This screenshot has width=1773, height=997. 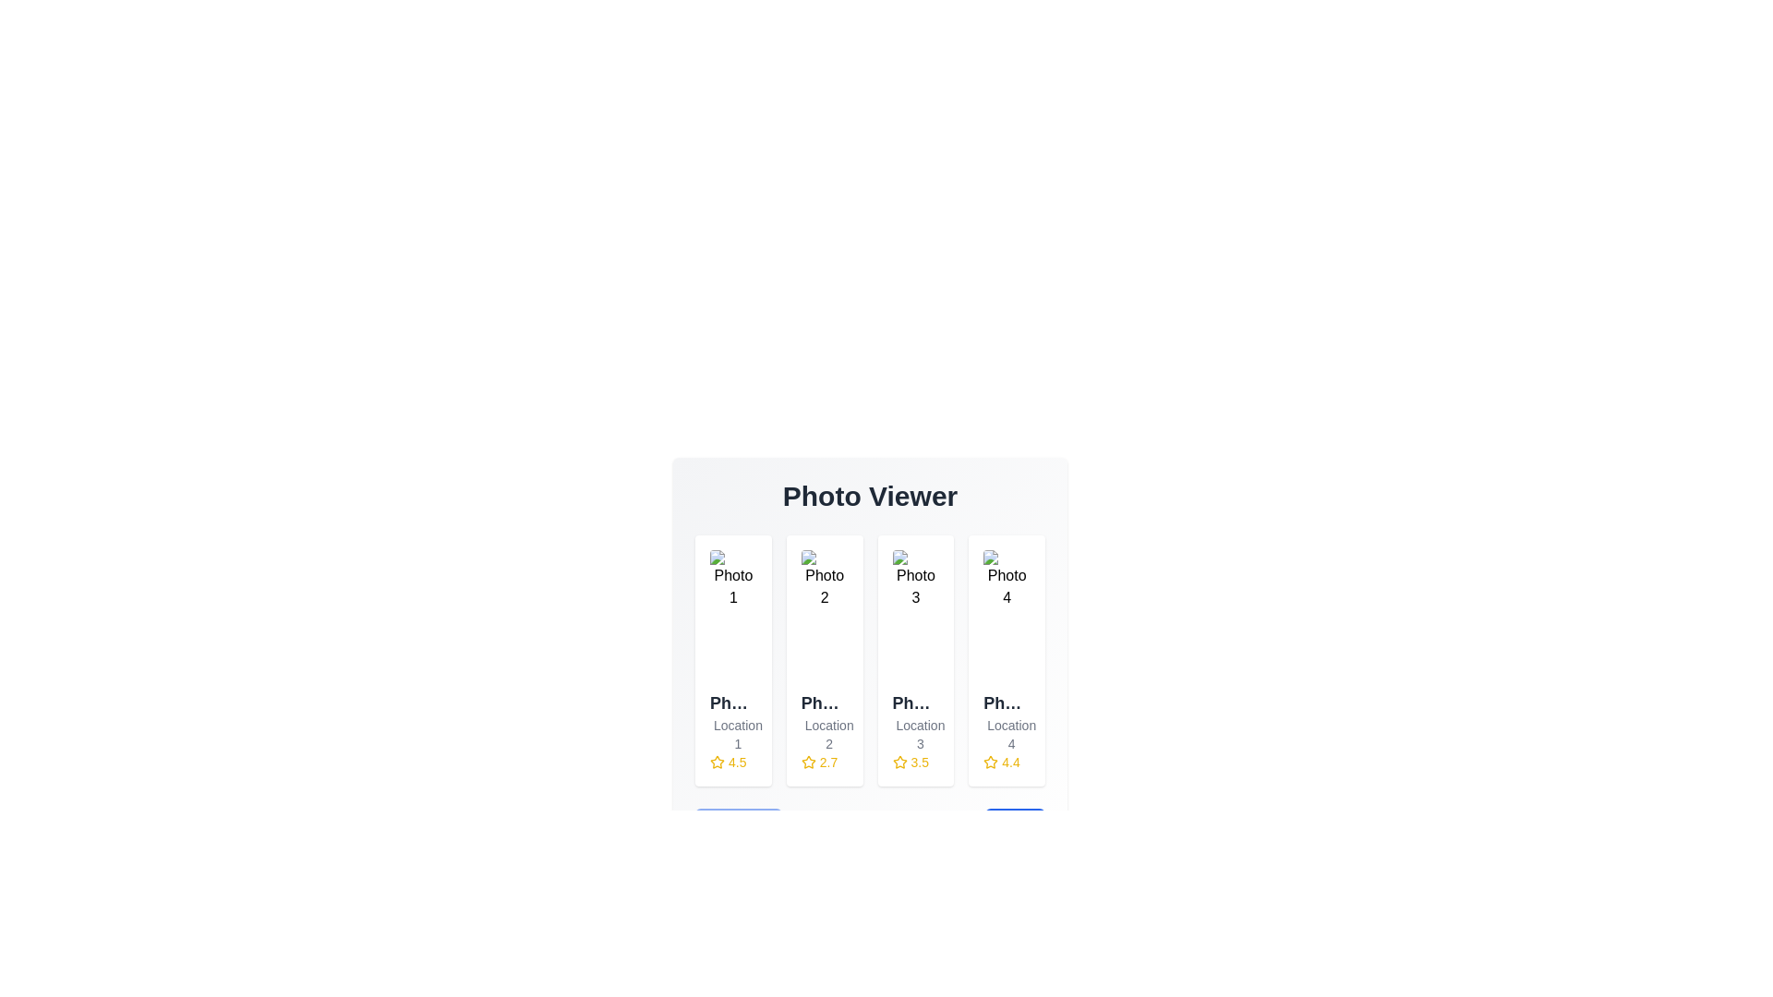 I want to click on the title or image of the fourth card in the gallery, which is visually represented with a photo, title 'Photo 4', location 'Location 4', and rating '4.4', for navigation, so click(x=1006, y=660).